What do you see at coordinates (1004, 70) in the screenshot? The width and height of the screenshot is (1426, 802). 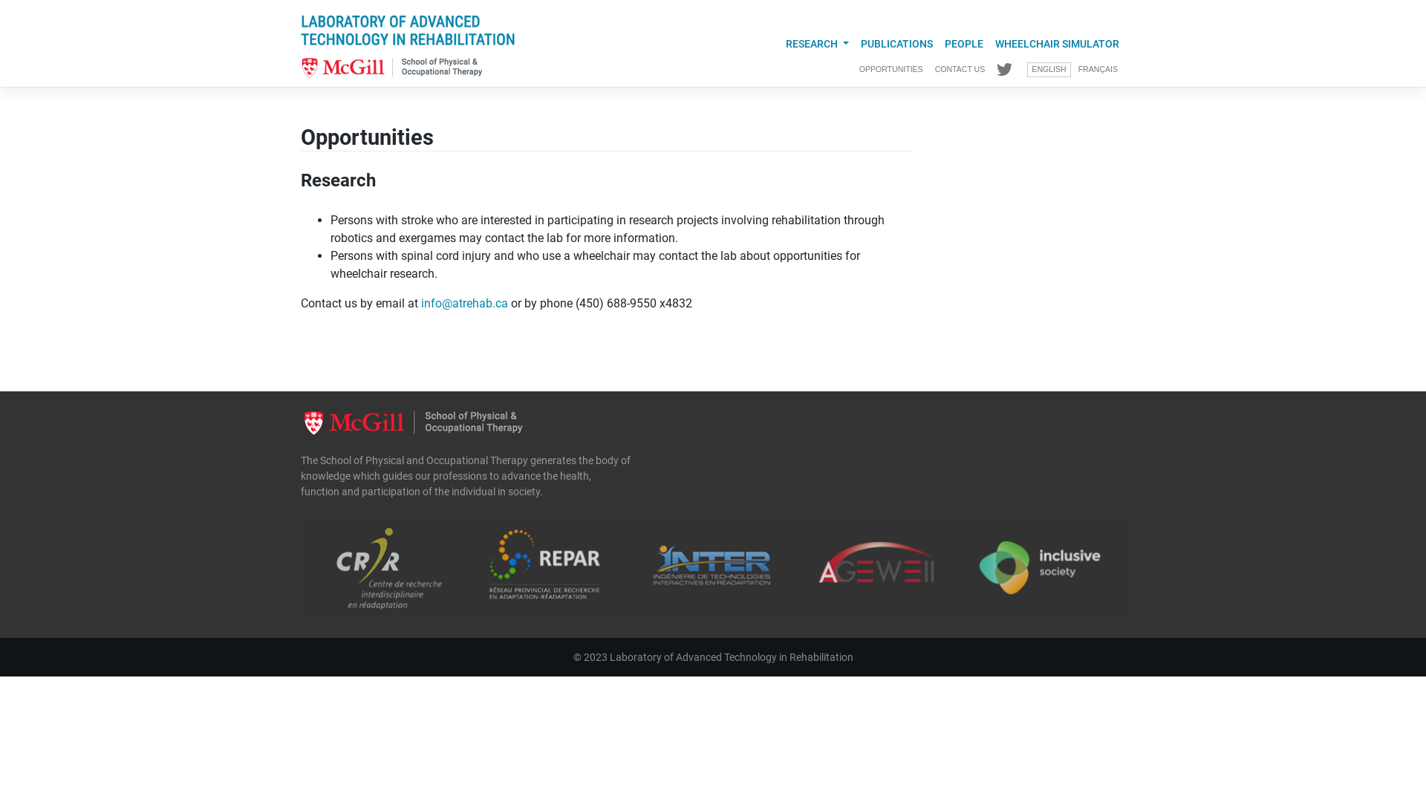 I see `'Twitter'` at bounding box center [1004, 70].